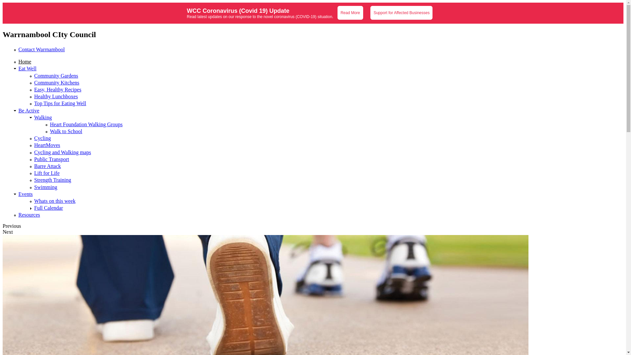  What do you see at coordinates (34, 159) in the screenshot?
I see `'Public Transport'` at bounding box center [34, 159].